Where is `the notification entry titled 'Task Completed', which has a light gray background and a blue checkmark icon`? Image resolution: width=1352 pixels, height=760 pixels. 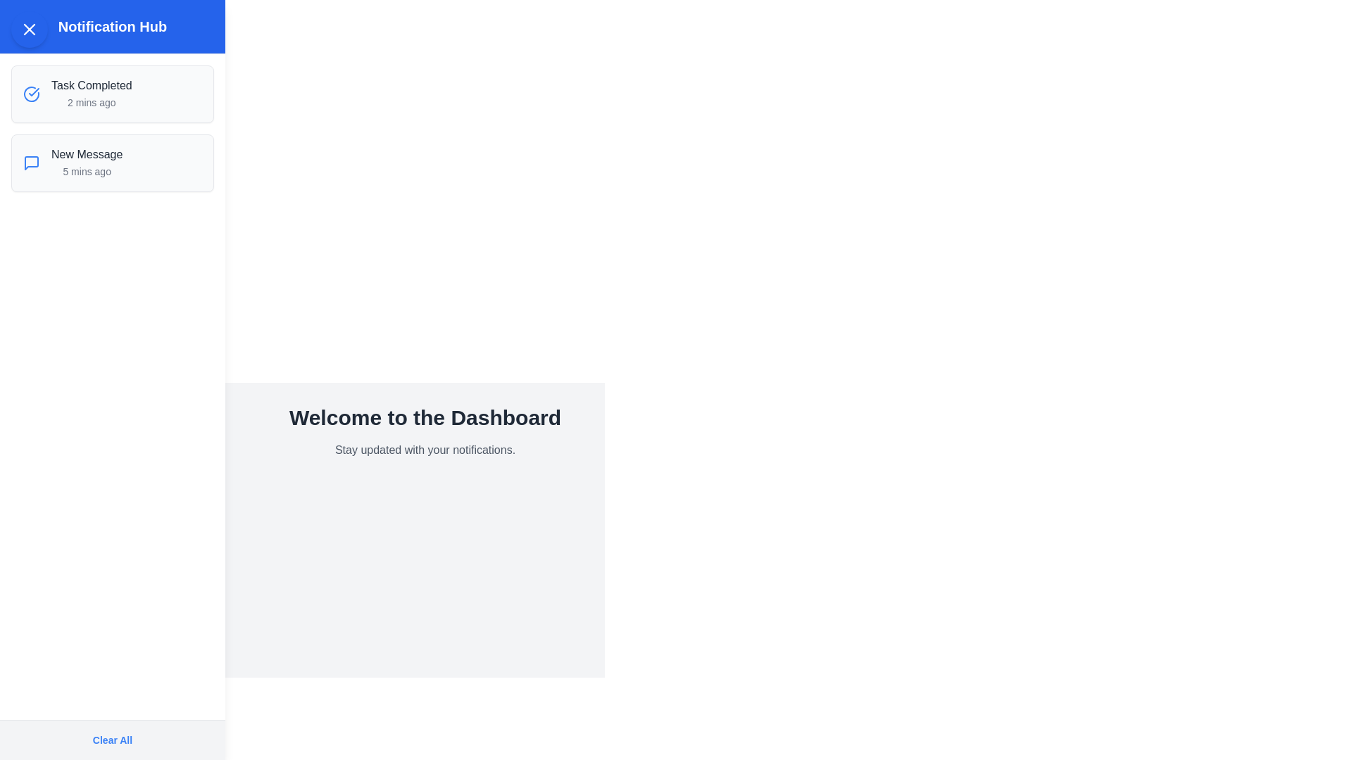 the notification entry titled 'Task Completed', which has a light gray background and a blue checkmark icon is located at coordinates (111, 94).